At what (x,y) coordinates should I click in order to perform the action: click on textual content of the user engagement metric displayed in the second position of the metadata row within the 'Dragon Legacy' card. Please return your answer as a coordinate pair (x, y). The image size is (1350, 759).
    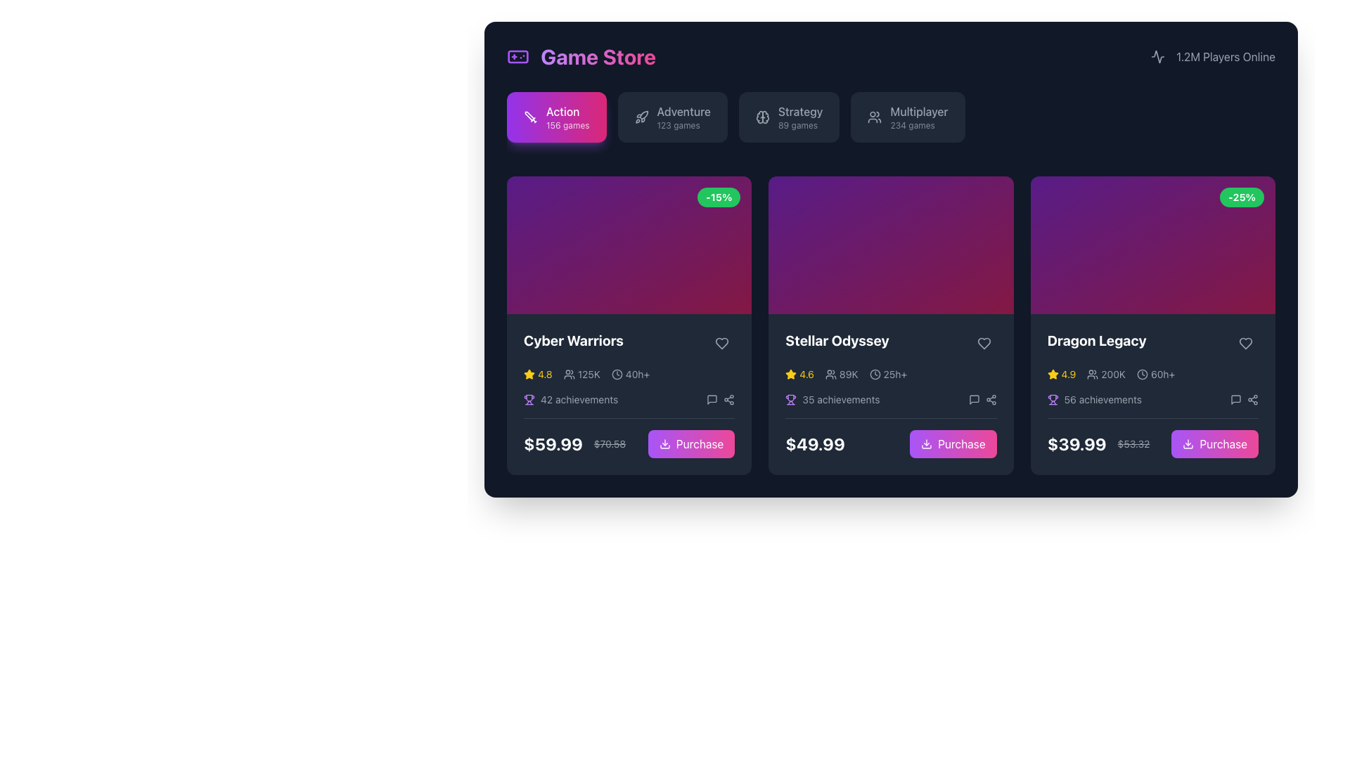
    Looking at the image, I should click on (1105, 373).